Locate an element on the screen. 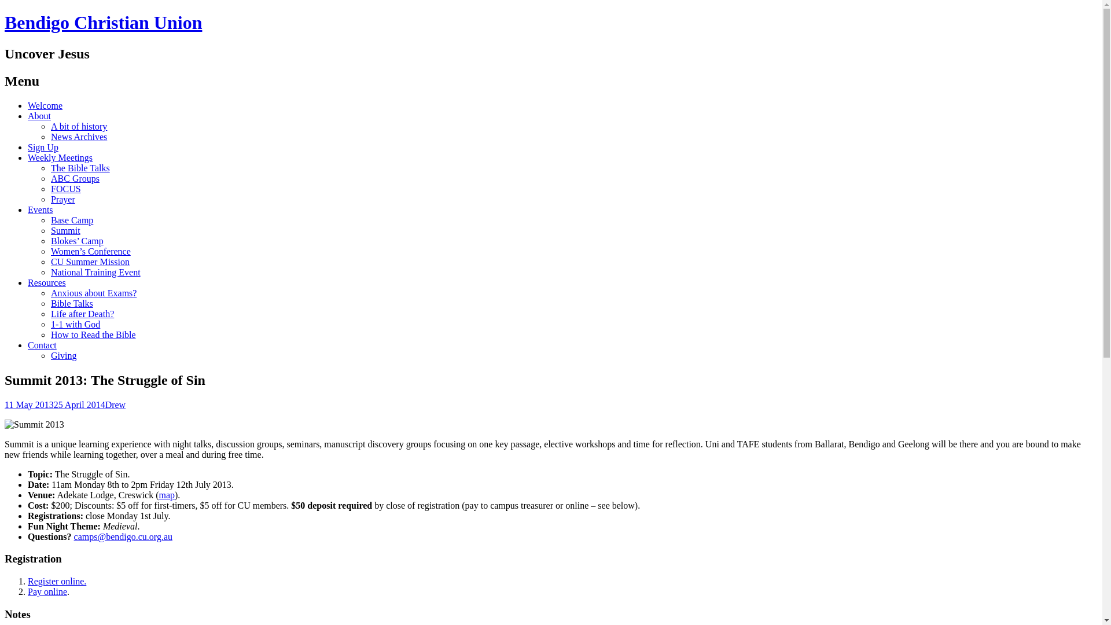  'Bible Talks' is located at coordinates (71, 303).